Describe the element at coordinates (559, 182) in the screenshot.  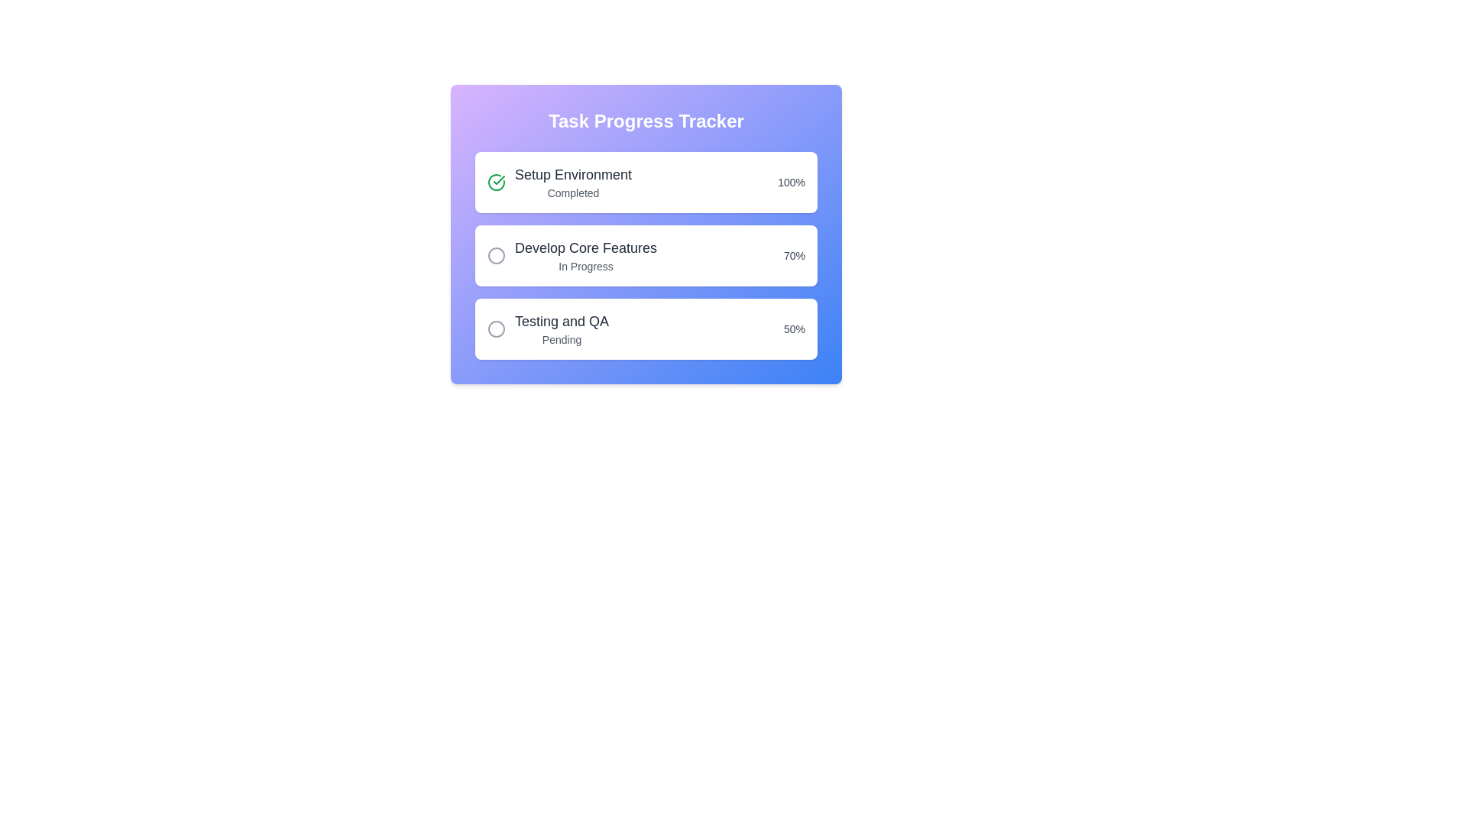
I see `the completion status of the task completion item labeled 'Setup Environment' with a green checkmark icon, located at the top of the list` at that location.